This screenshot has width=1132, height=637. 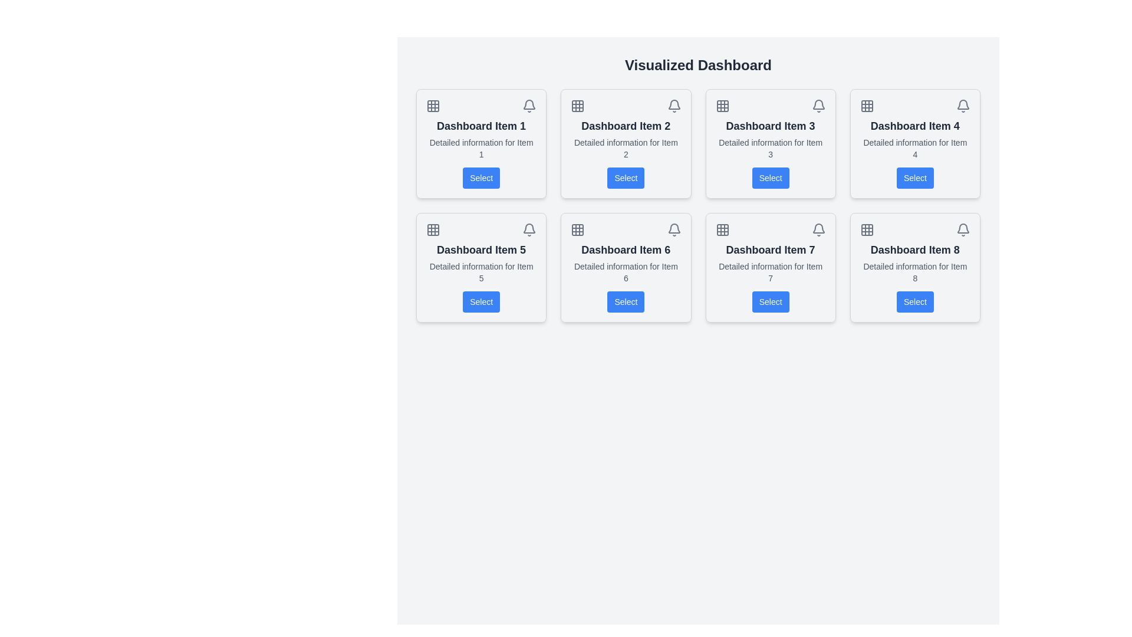 I want to click on the text label reading 'Dashboard Item 1', which is styled with a bold font and larger size, located in the upper-left quadrant of the interface within the first dashboard card, so click(x=481, y=126).